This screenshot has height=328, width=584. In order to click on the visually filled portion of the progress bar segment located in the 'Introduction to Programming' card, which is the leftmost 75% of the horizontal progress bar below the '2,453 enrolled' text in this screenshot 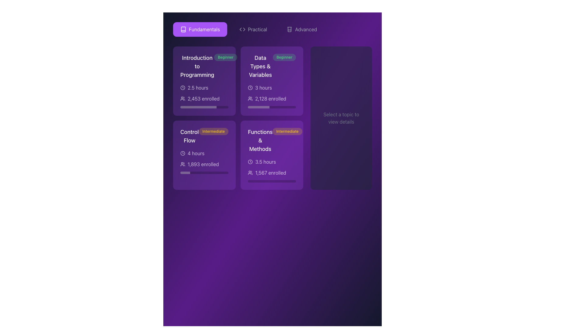, I will do `click(198, 107)`.